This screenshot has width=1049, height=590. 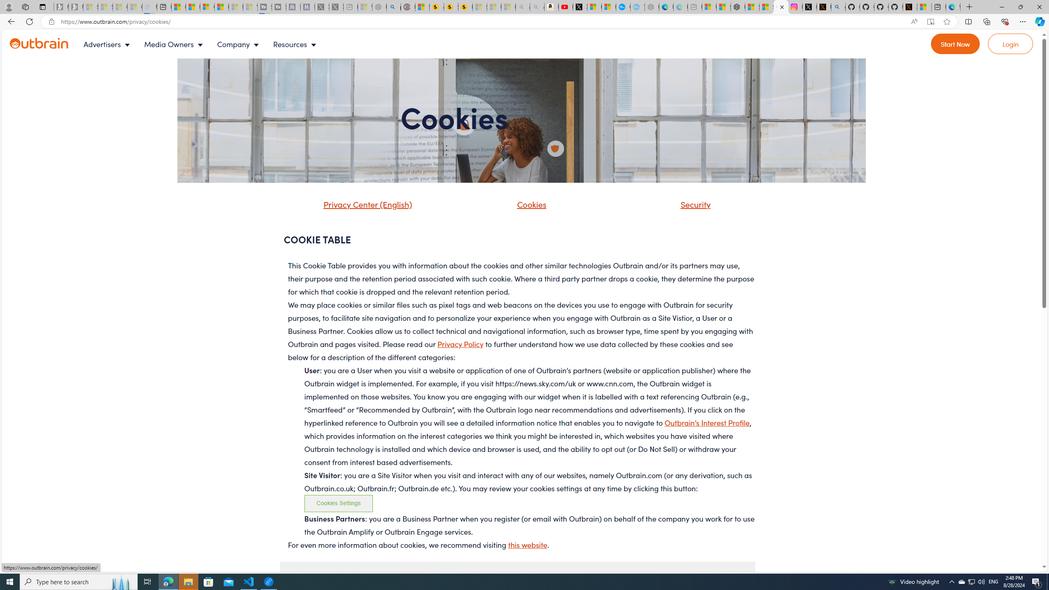 What do you see at coordinates (909, 7) in the screenshot?
I see `'X Privacy Policy'` at bounding box center [909, 7].